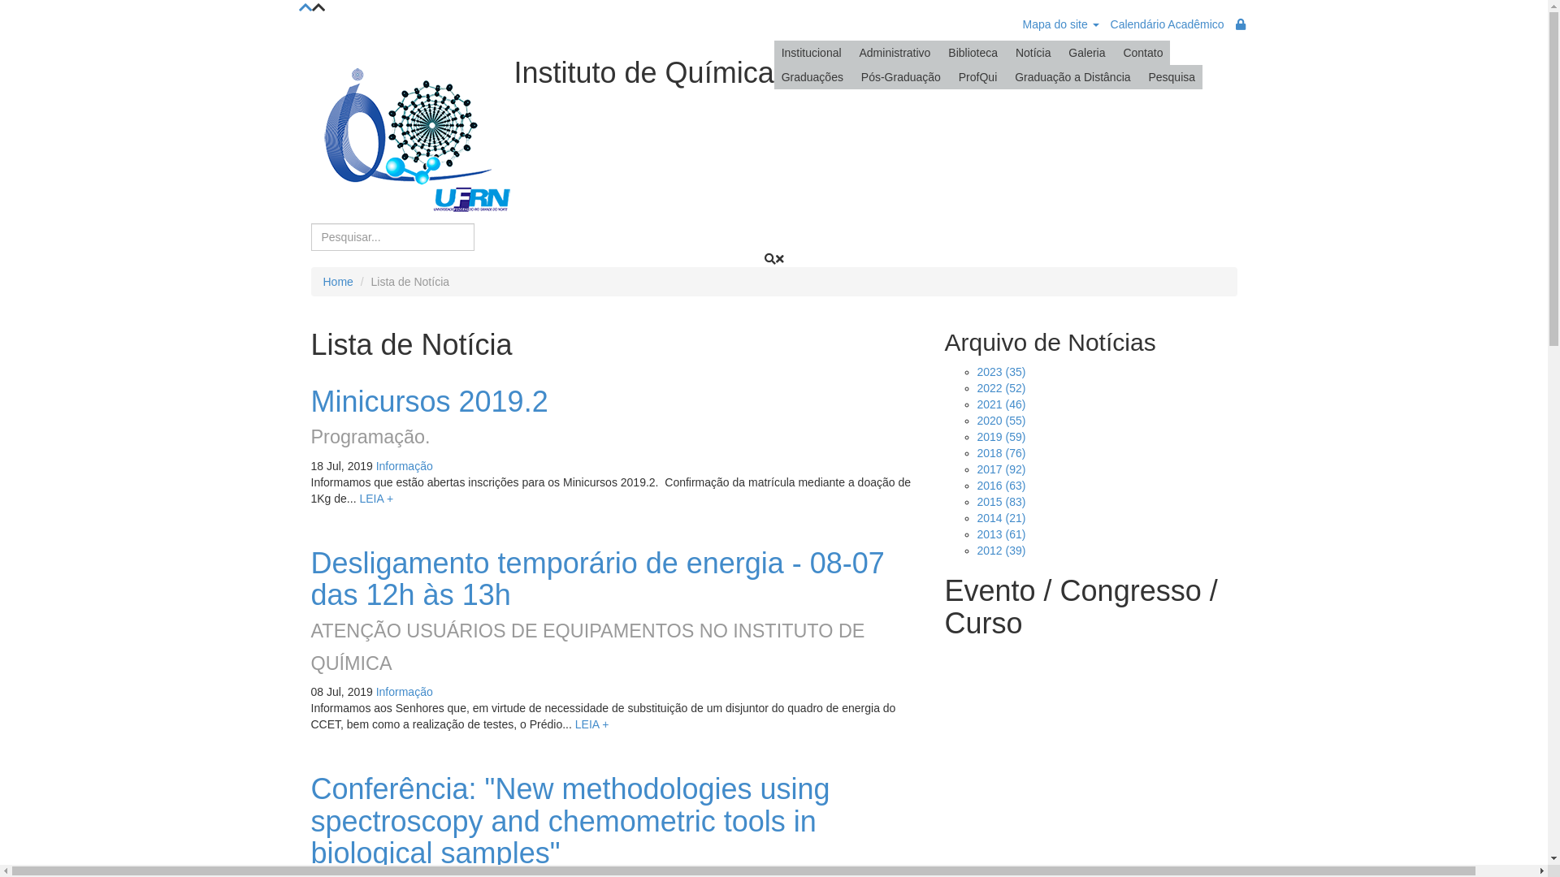 The image size is (1560, 877). Describe the element at coordinates (977, 77) in the screenshot. I see `'ProfQui'` at that location.